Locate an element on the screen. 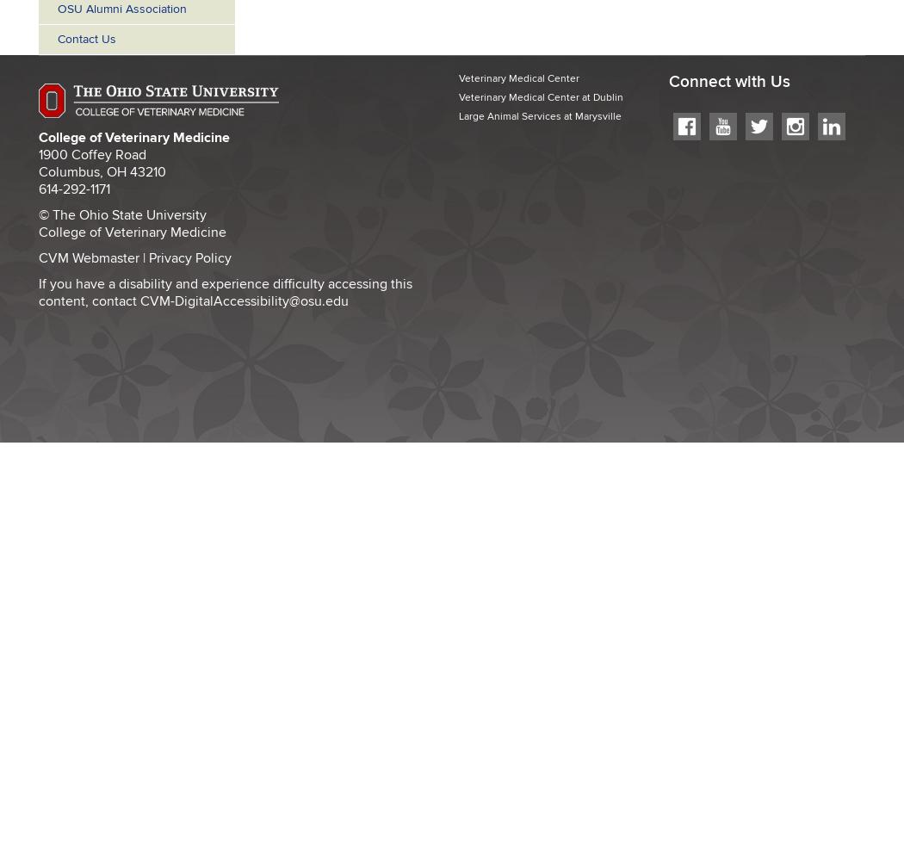 The height and width of the screenshot is (861, 904). 'Columbus, OH 43210' is located at coordinates (101, 170).